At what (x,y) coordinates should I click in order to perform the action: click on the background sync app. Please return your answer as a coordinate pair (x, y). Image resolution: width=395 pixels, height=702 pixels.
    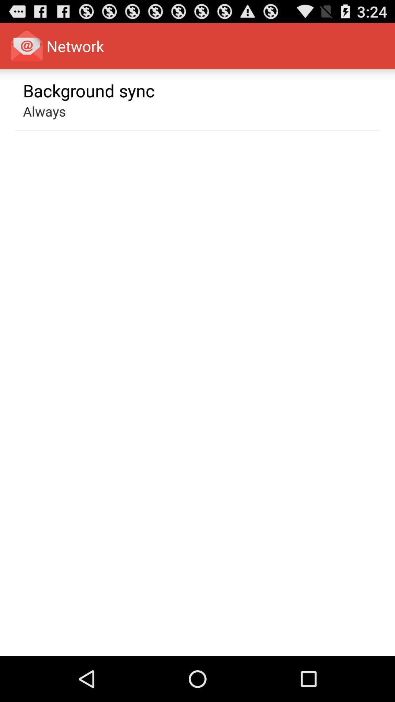
    Looking at the image, I should click on (89, 90).